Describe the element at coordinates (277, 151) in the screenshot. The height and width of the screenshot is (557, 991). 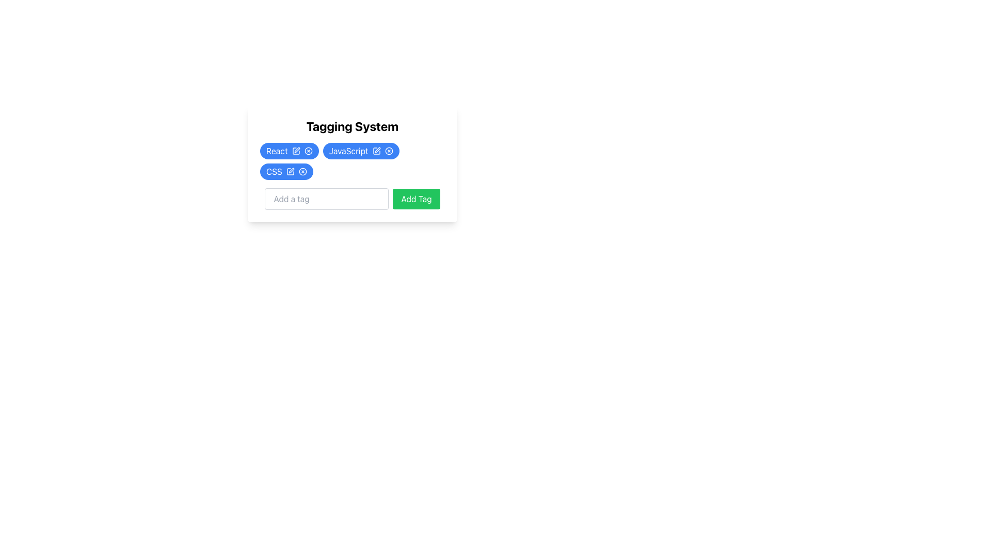
I see `the 'React' text label in the tagging interface, which is the first tag in the row` at that location.